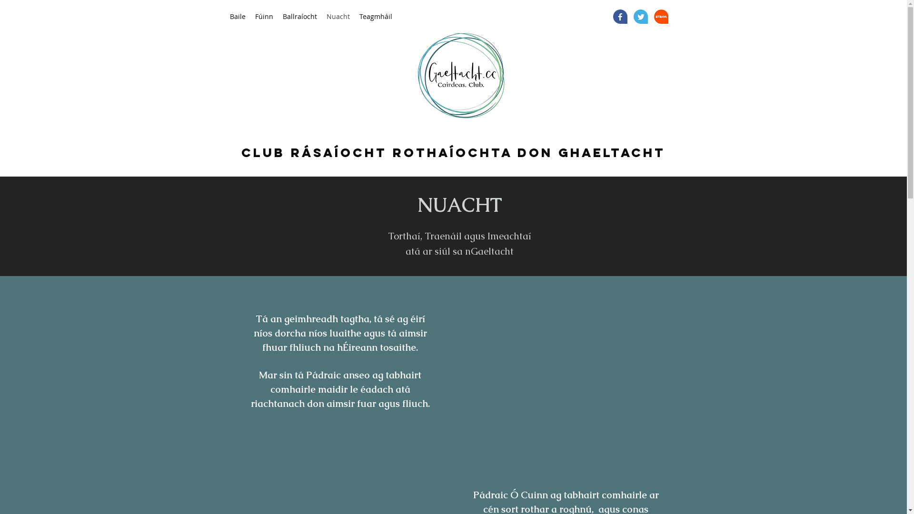 This screenshot has height=514, width=914. I want to click on 'Baile', so click(237, 16).